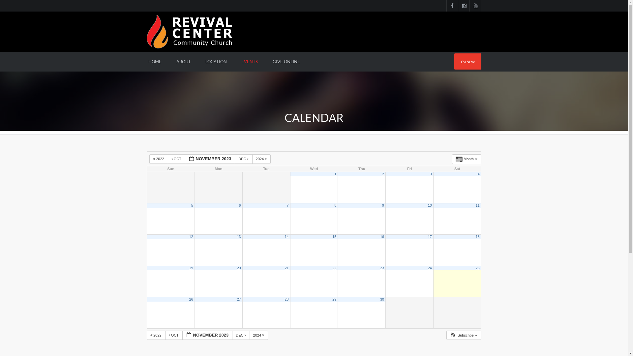 This screenshot has height=356, width=633. Describe the element at coordinates (430, 205) in the screenshot. I see `'10'` at that location.